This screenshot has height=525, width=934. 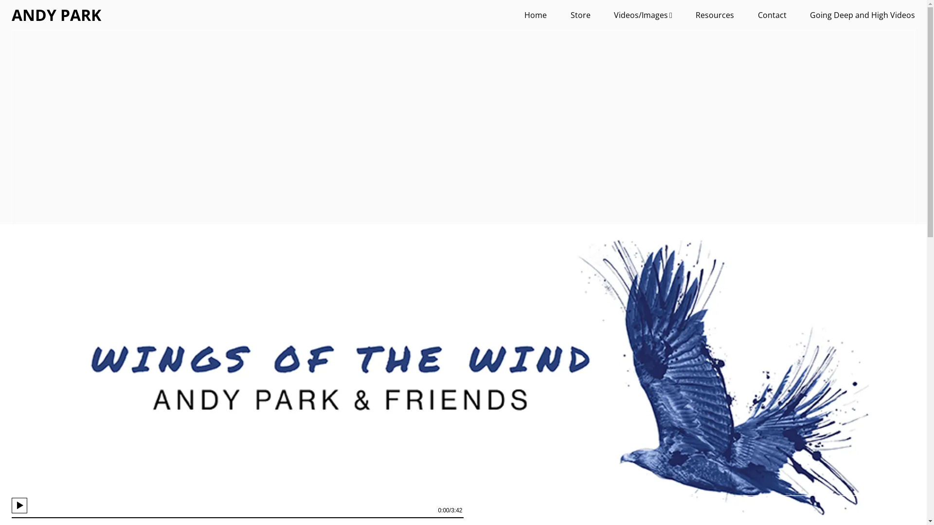 I want to click on 'Resources', so click(x=715, y=15).